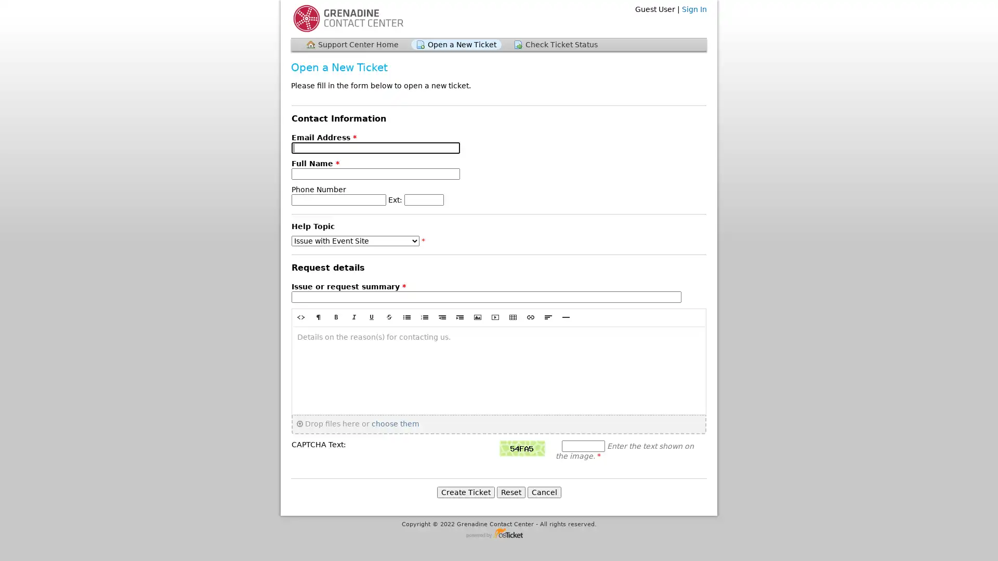 This screenshot has height=561, width=998. I want to click on &bull; Unordered List, so click(406, 316).